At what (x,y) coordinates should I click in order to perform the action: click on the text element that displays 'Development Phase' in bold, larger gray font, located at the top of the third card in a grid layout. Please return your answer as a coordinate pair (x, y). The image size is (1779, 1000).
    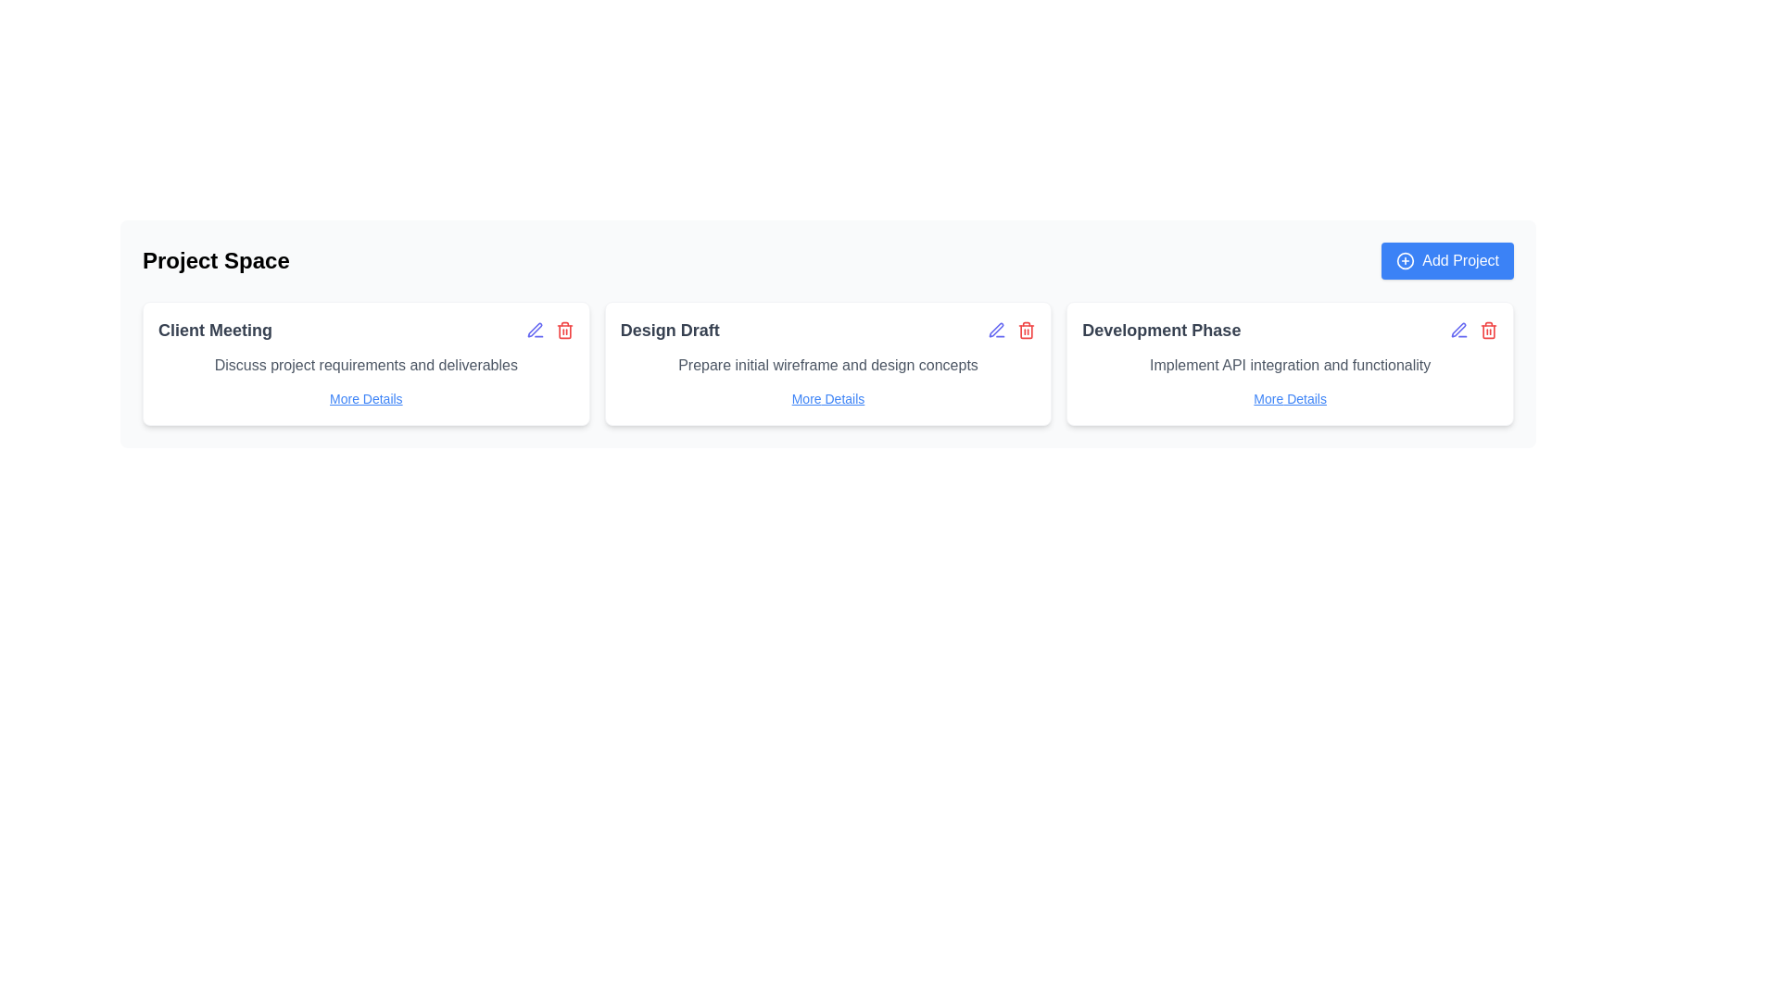
    Looking at the image, I should click on (1160, 330).